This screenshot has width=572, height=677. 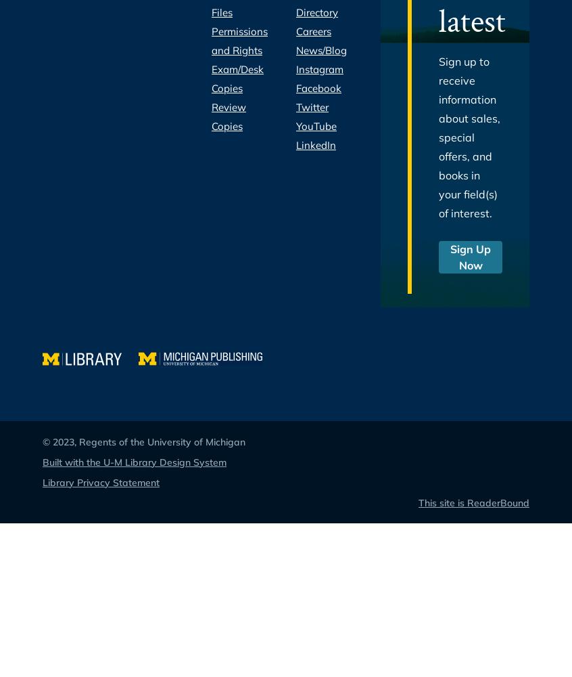 I want to click on 'Instagram', so click(x=318, y=68).